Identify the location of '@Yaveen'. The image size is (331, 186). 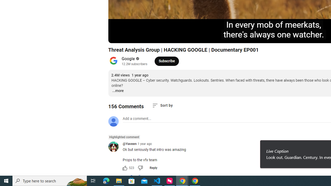
(115, 147).